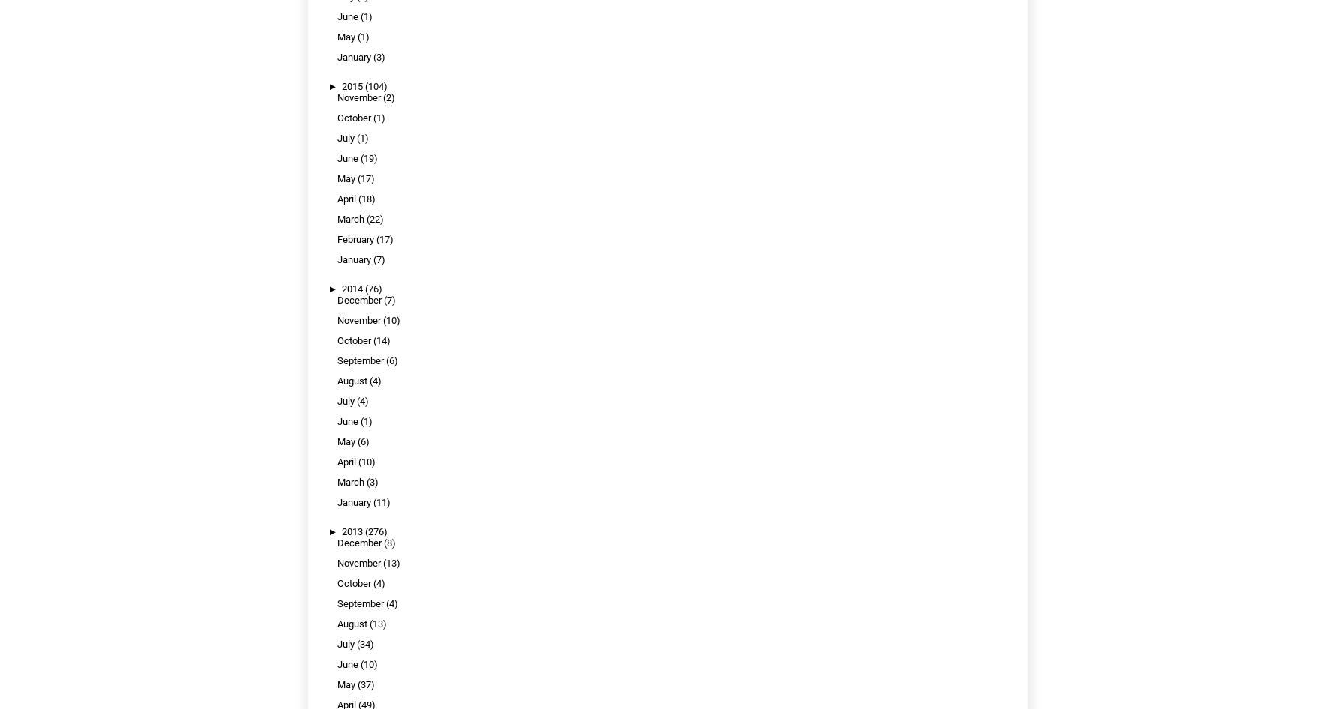 This screenshot has height=709, width=1335. I want to click on '(11)', so click(373, 502).